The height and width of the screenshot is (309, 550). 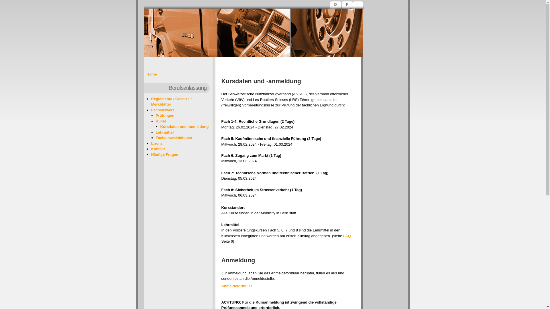 What do you see at coordinates (174, 138) in the screenshot?
I see `'Fachausweisinhaber'` at bounding box center [174, 138].